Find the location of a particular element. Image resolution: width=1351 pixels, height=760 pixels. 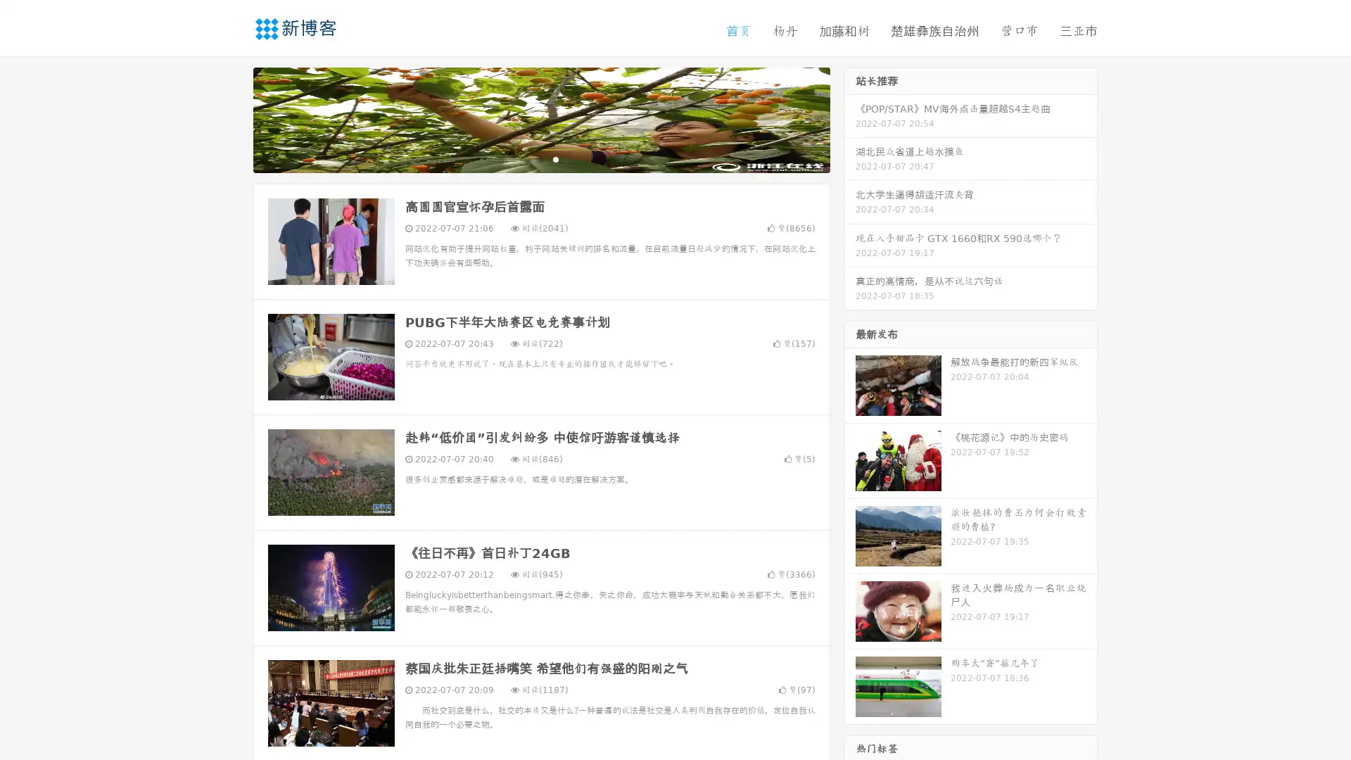

Go to slide 3 is located at coordinates (555, 158).